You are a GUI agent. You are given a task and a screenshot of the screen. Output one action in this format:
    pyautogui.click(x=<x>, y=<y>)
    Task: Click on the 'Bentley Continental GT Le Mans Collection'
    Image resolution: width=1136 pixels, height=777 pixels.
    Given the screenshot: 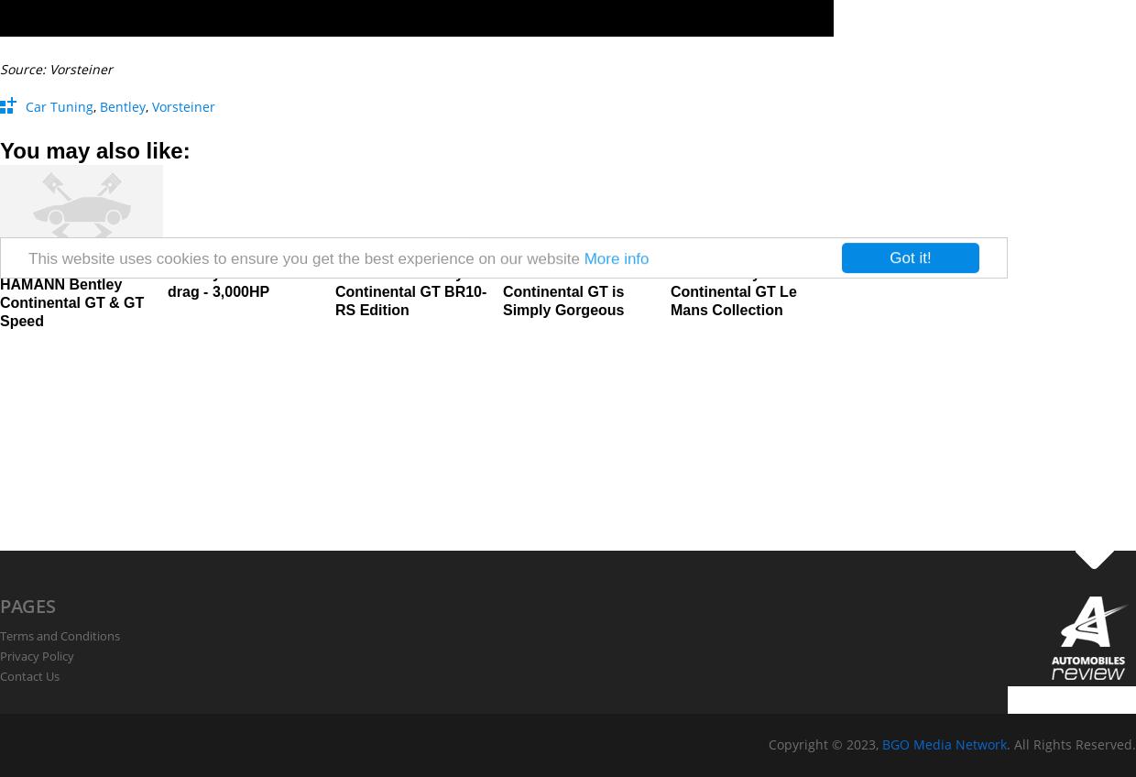 What is the action you would take?
    pyautogui.click(x=732, y=291)
    